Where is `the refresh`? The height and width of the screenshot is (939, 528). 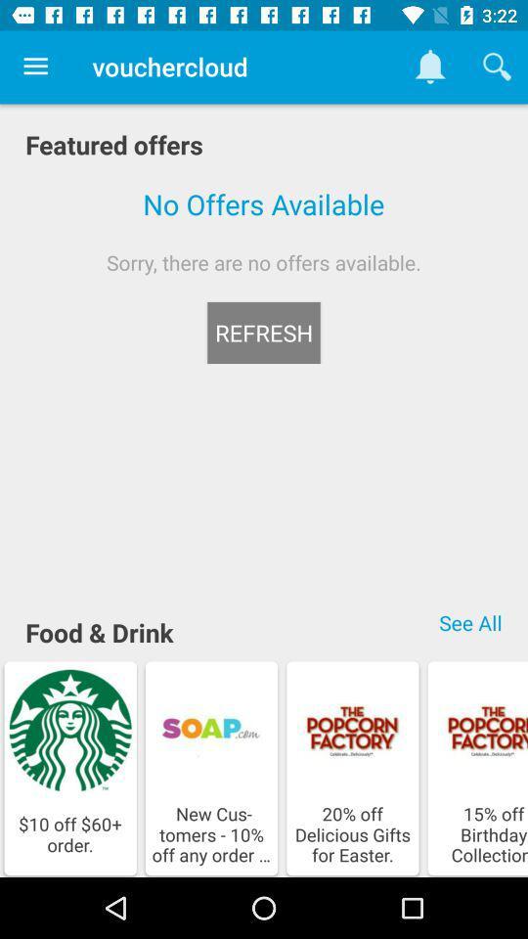
the refresh is located at coordinates (264, 333).